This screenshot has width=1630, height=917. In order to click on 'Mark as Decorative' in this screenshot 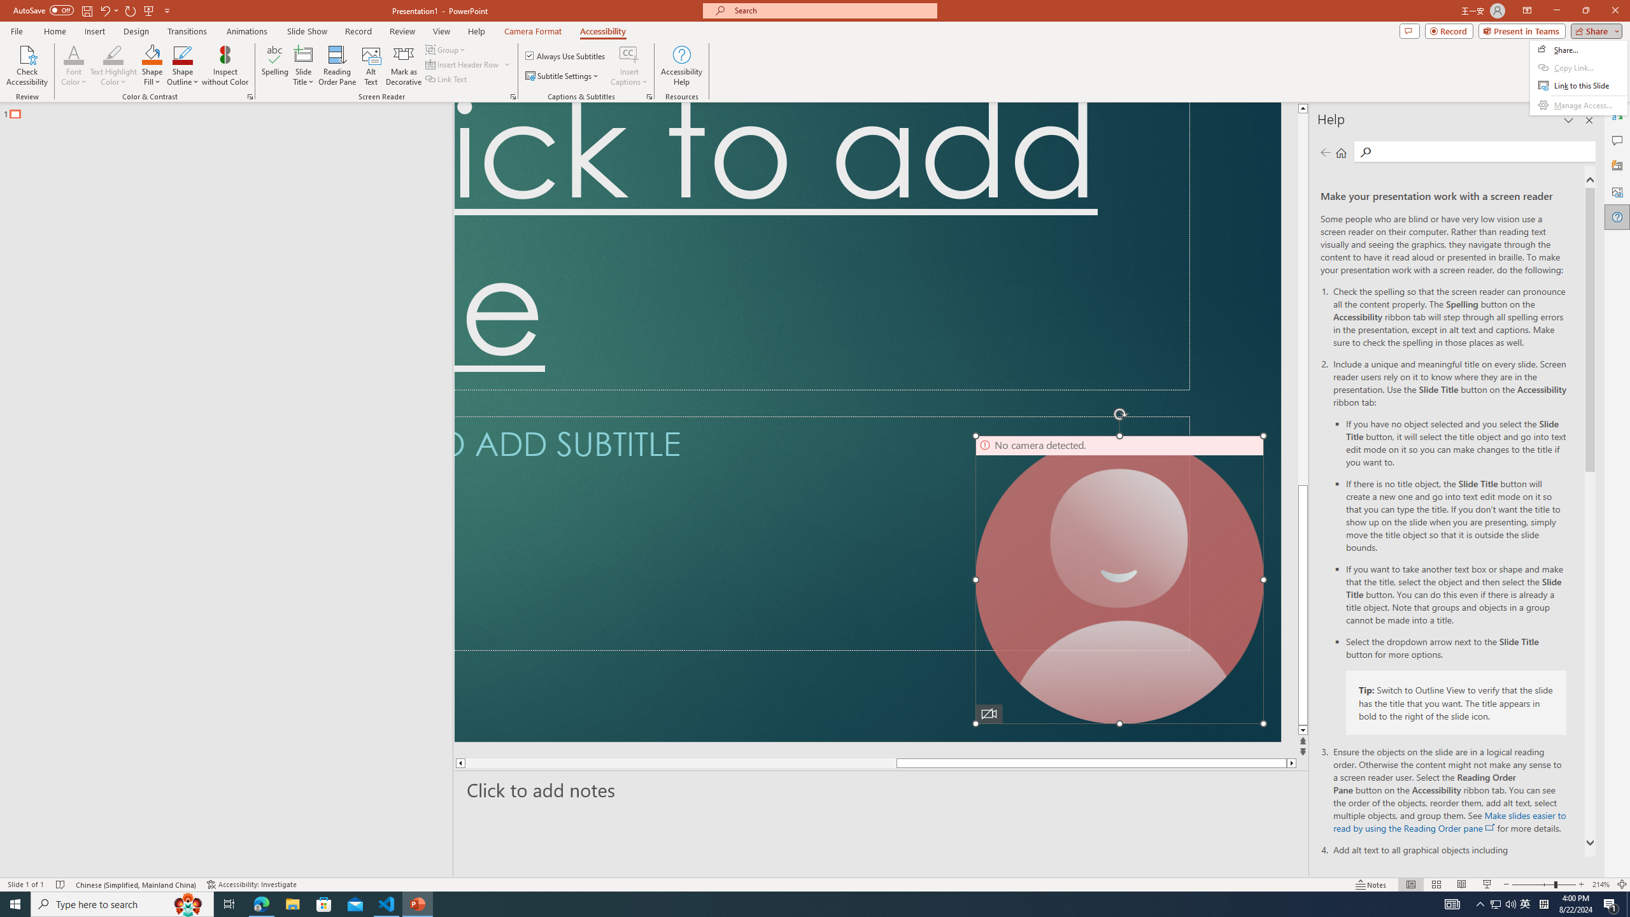, I will do `click(403, 66)`.